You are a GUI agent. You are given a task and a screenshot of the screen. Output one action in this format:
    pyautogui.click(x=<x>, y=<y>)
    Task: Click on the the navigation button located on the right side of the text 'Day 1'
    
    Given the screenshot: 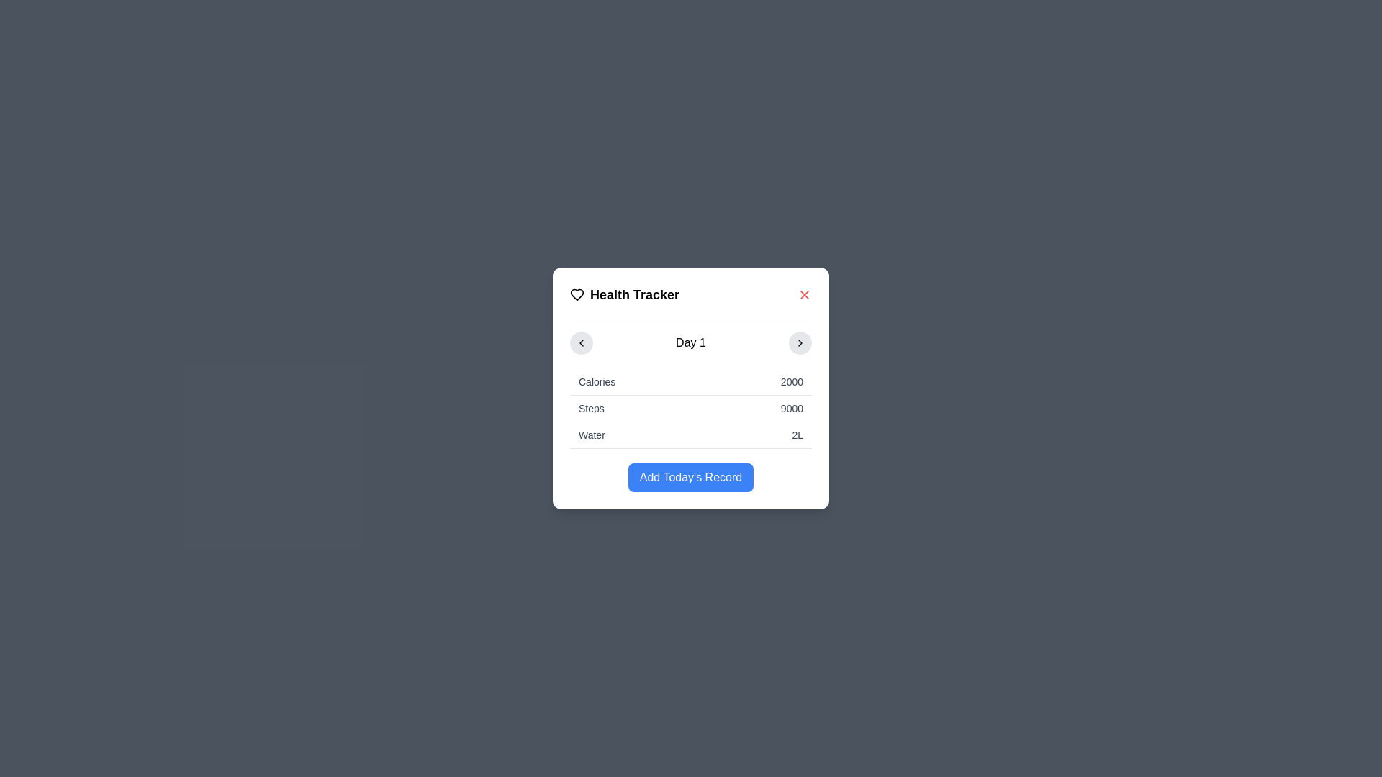 What is the action you would take?
    pyautogui.click(x=800, y=343)
    